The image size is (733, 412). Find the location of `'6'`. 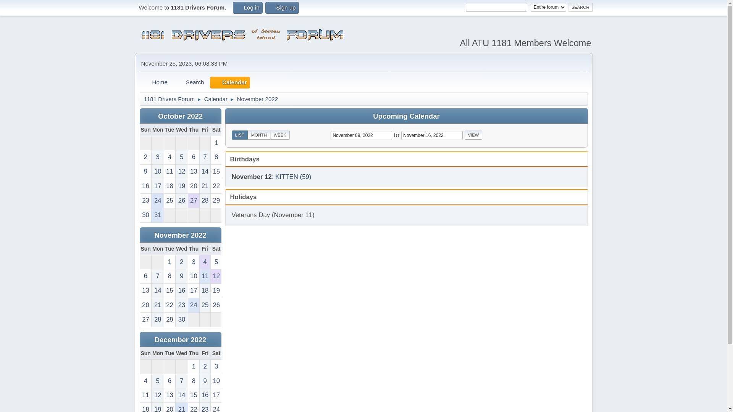

'6' is located at coordinates (188, 157).